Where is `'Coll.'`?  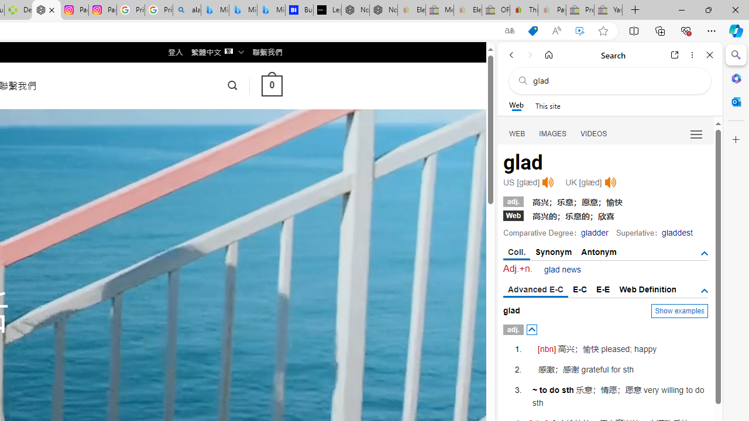
'Coll.' is located at coordinates (516, 252).